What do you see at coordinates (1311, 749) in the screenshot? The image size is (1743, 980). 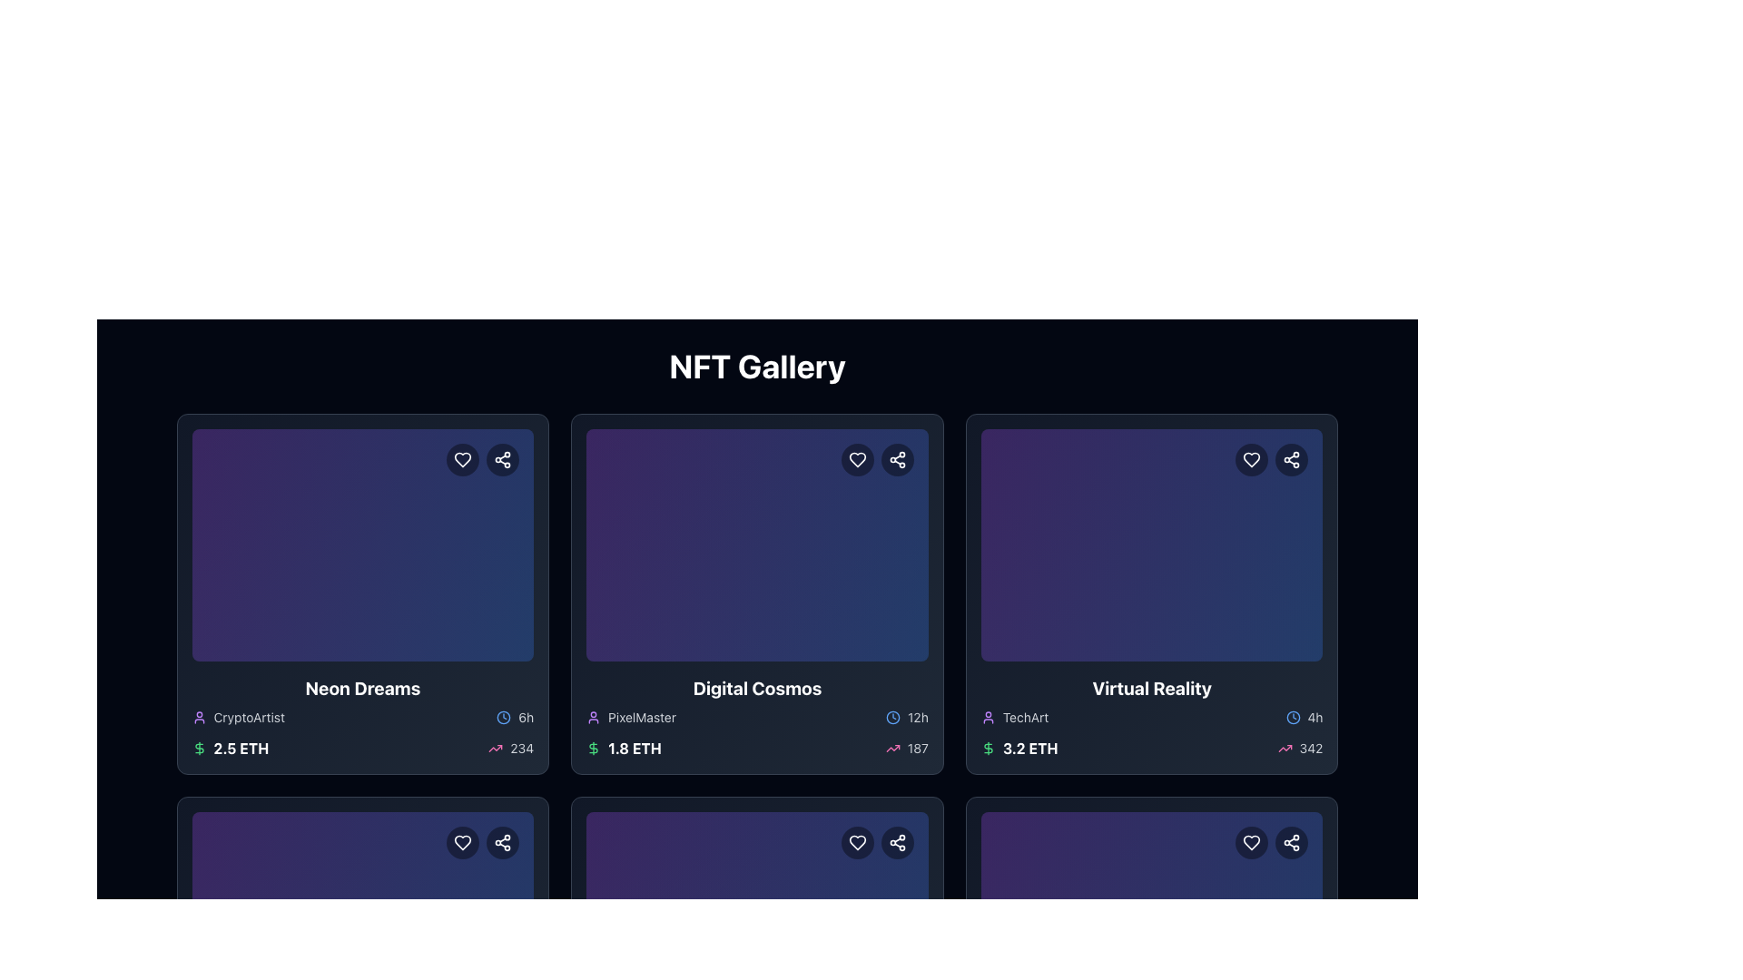 I see `the small text label displaying the number '342' in gray color, located at the bottom right of the card titled 'Virtual Reality'` at bounding box center [1311, 749].